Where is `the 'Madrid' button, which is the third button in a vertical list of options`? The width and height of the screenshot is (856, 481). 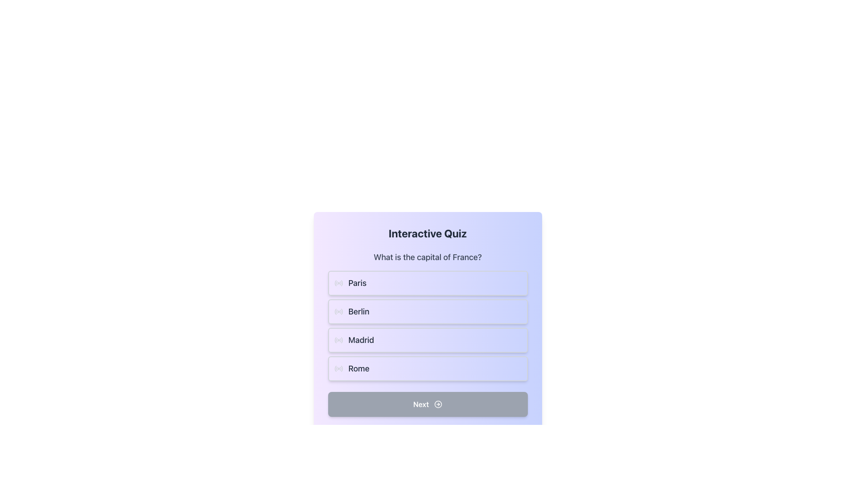 the 'Madrid' button, which is the third button in a vertical list of options is located at coordinates (427, 340).